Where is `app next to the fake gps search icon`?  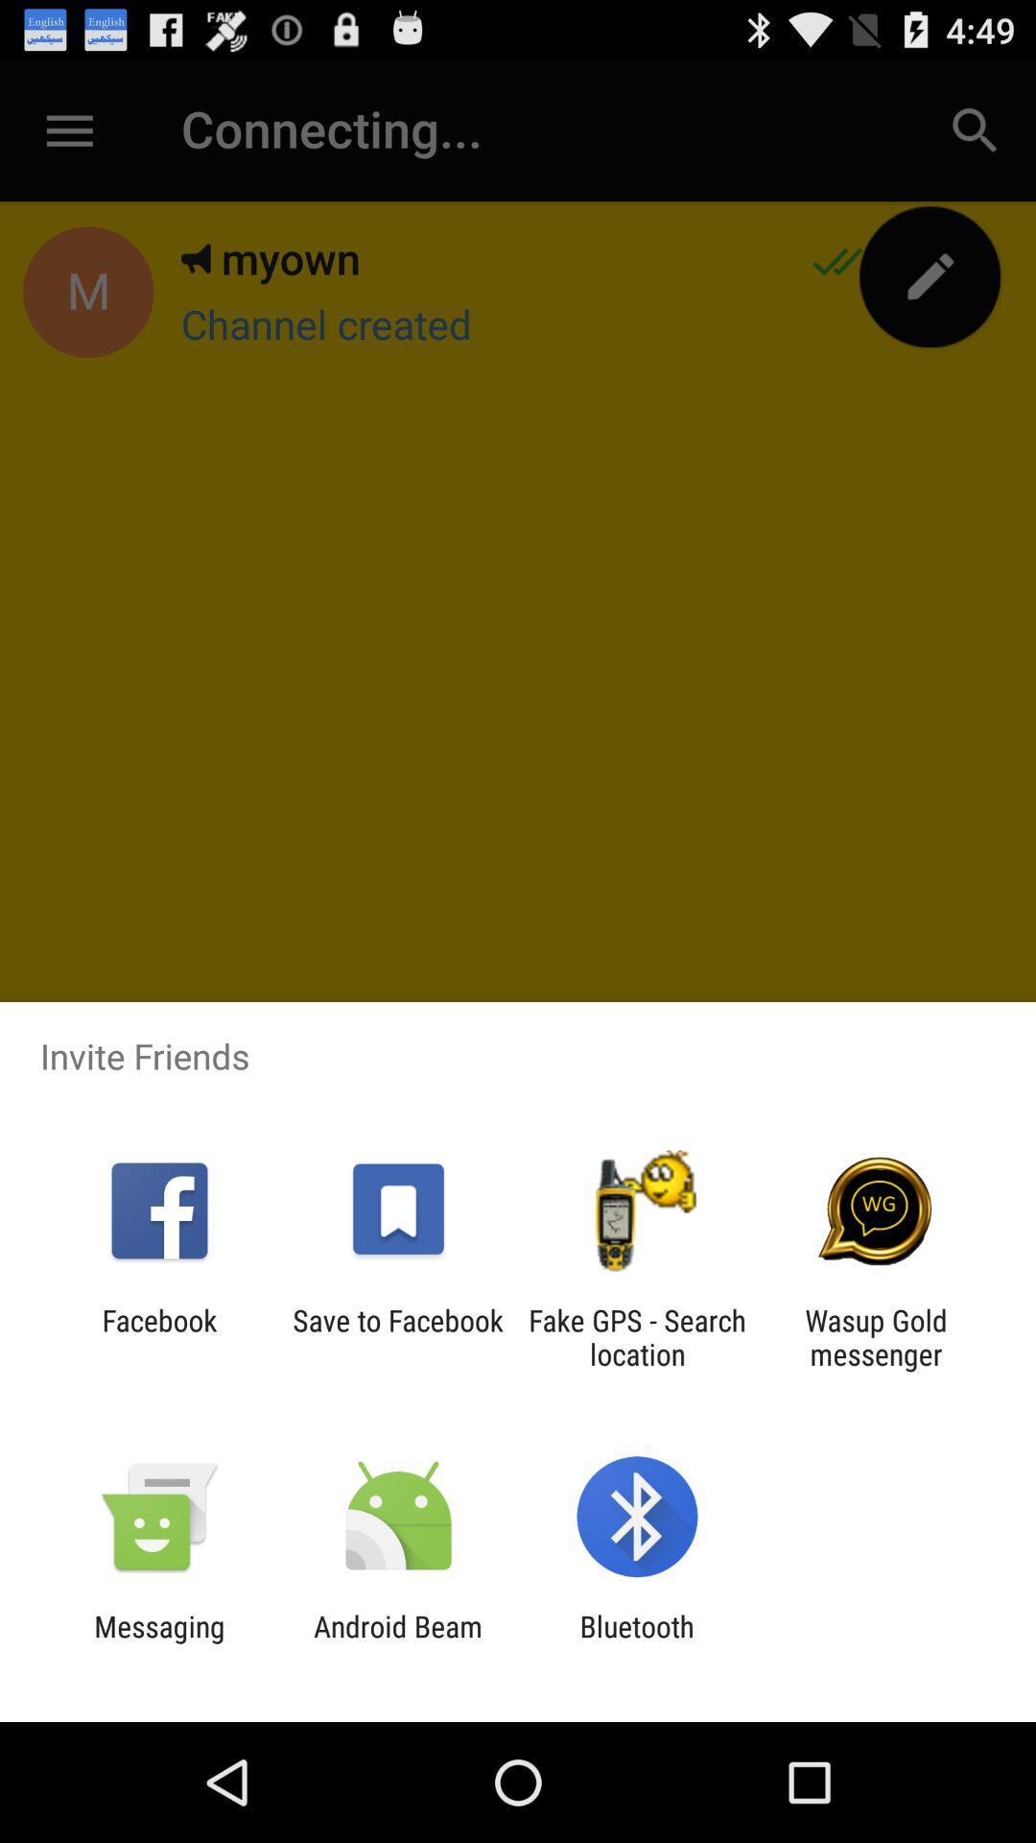 app next to the fake gps search icon is located at coordinates (876, 1336).